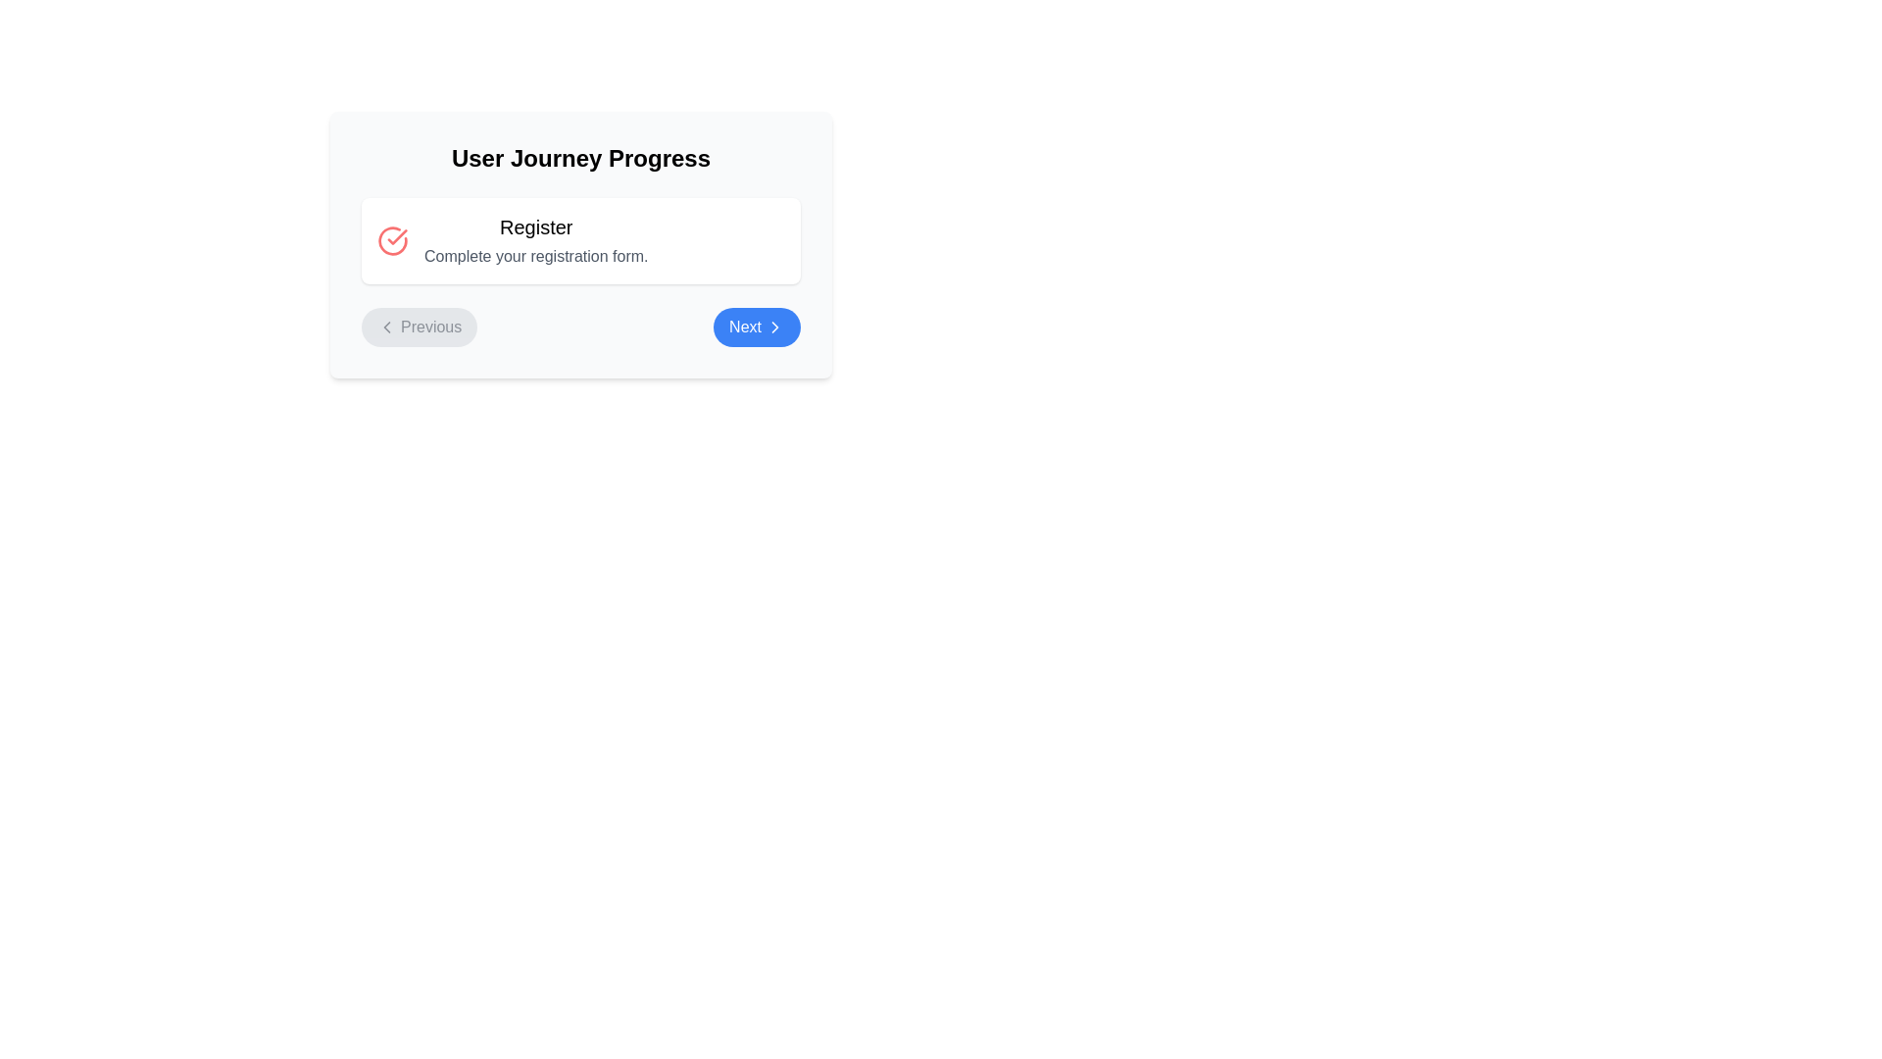  What do you see at coordinates (386, 327) in the screenshot?
I see `the backward navigation arrow icon located inside the 'Previous' button, to the left of the text label 'Previous'` at bounding box center [386, 327].